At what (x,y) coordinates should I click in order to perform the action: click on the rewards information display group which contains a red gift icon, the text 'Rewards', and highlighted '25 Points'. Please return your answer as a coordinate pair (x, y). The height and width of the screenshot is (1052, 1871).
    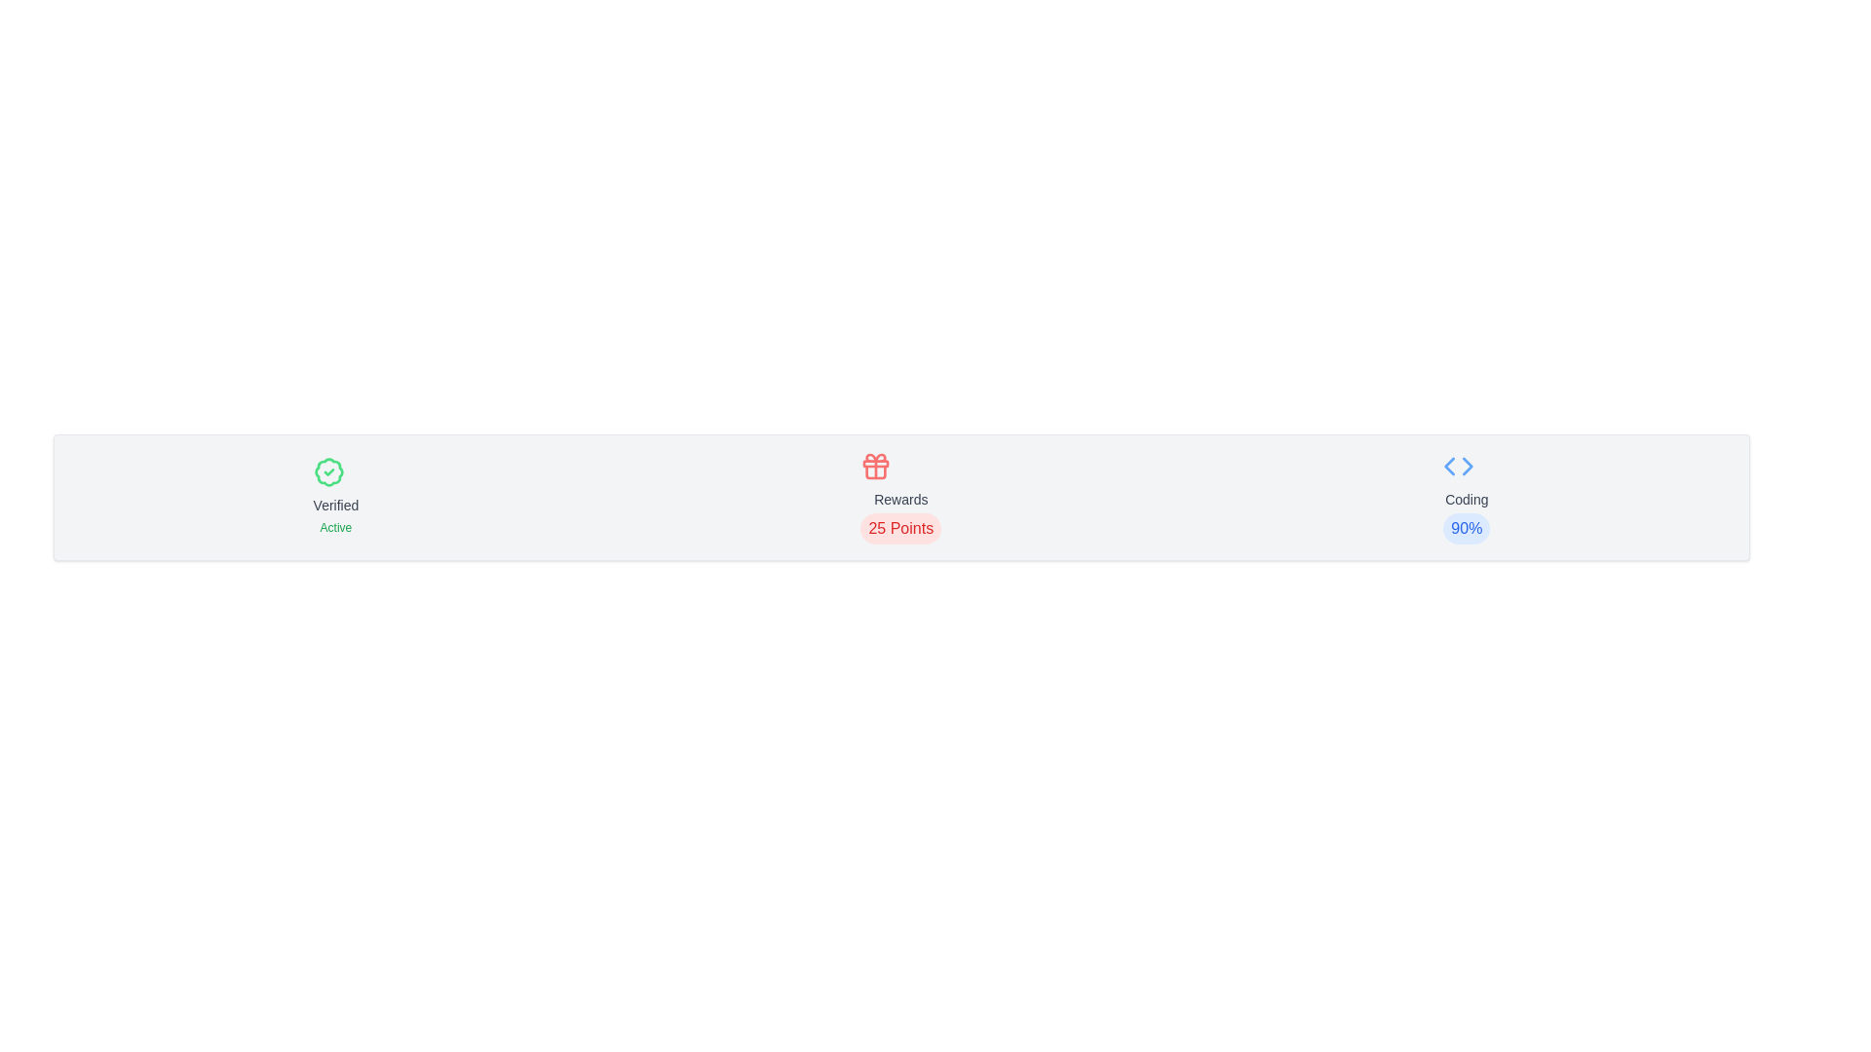
    Looking at the image, I should click on (899, 496).